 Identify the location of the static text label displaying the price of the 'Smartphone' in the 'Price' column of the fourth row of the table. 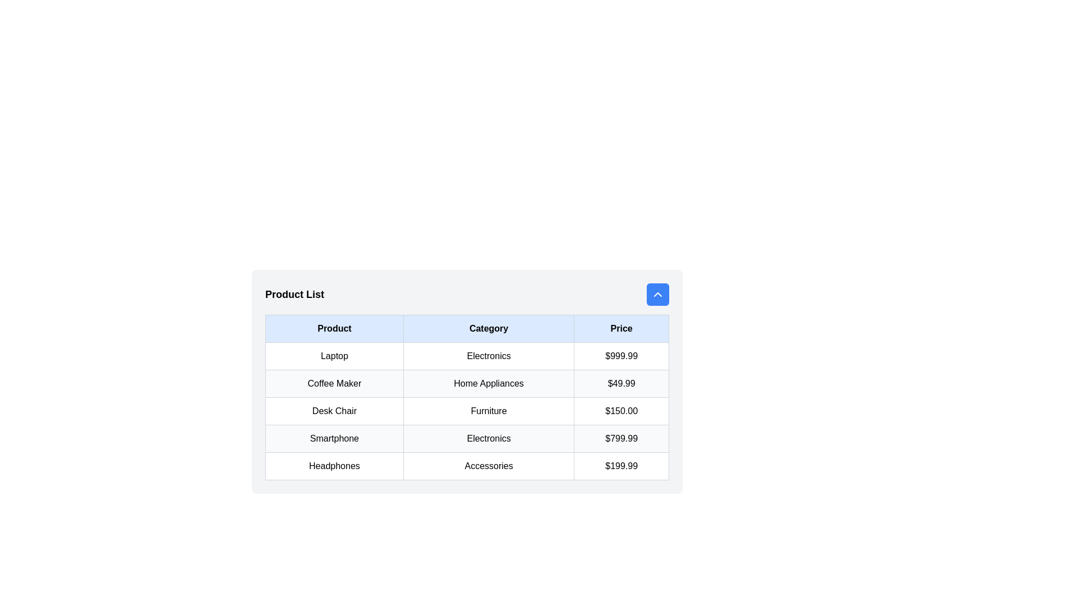
(621, 438).